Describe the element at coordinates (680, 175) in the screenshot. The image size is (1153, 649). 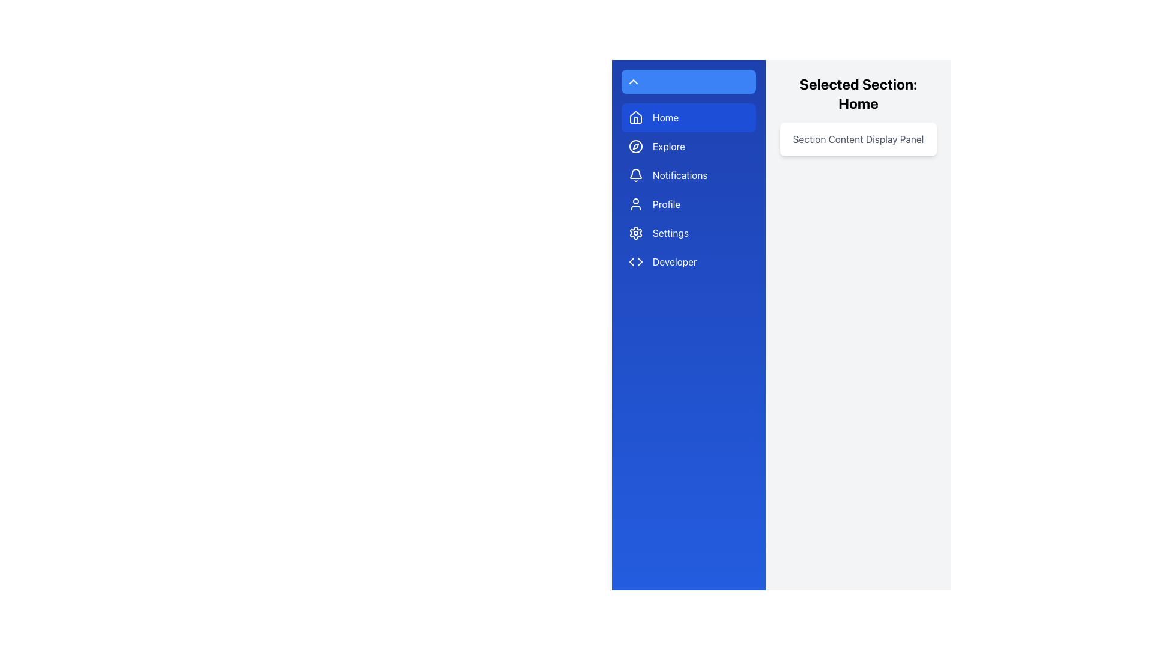
I see `the 'Notifications' menu item, which is styled in white text on a blue background, located in the vertical navigation menu on the left side, between 'Explore' and 'Profile'` at that location.